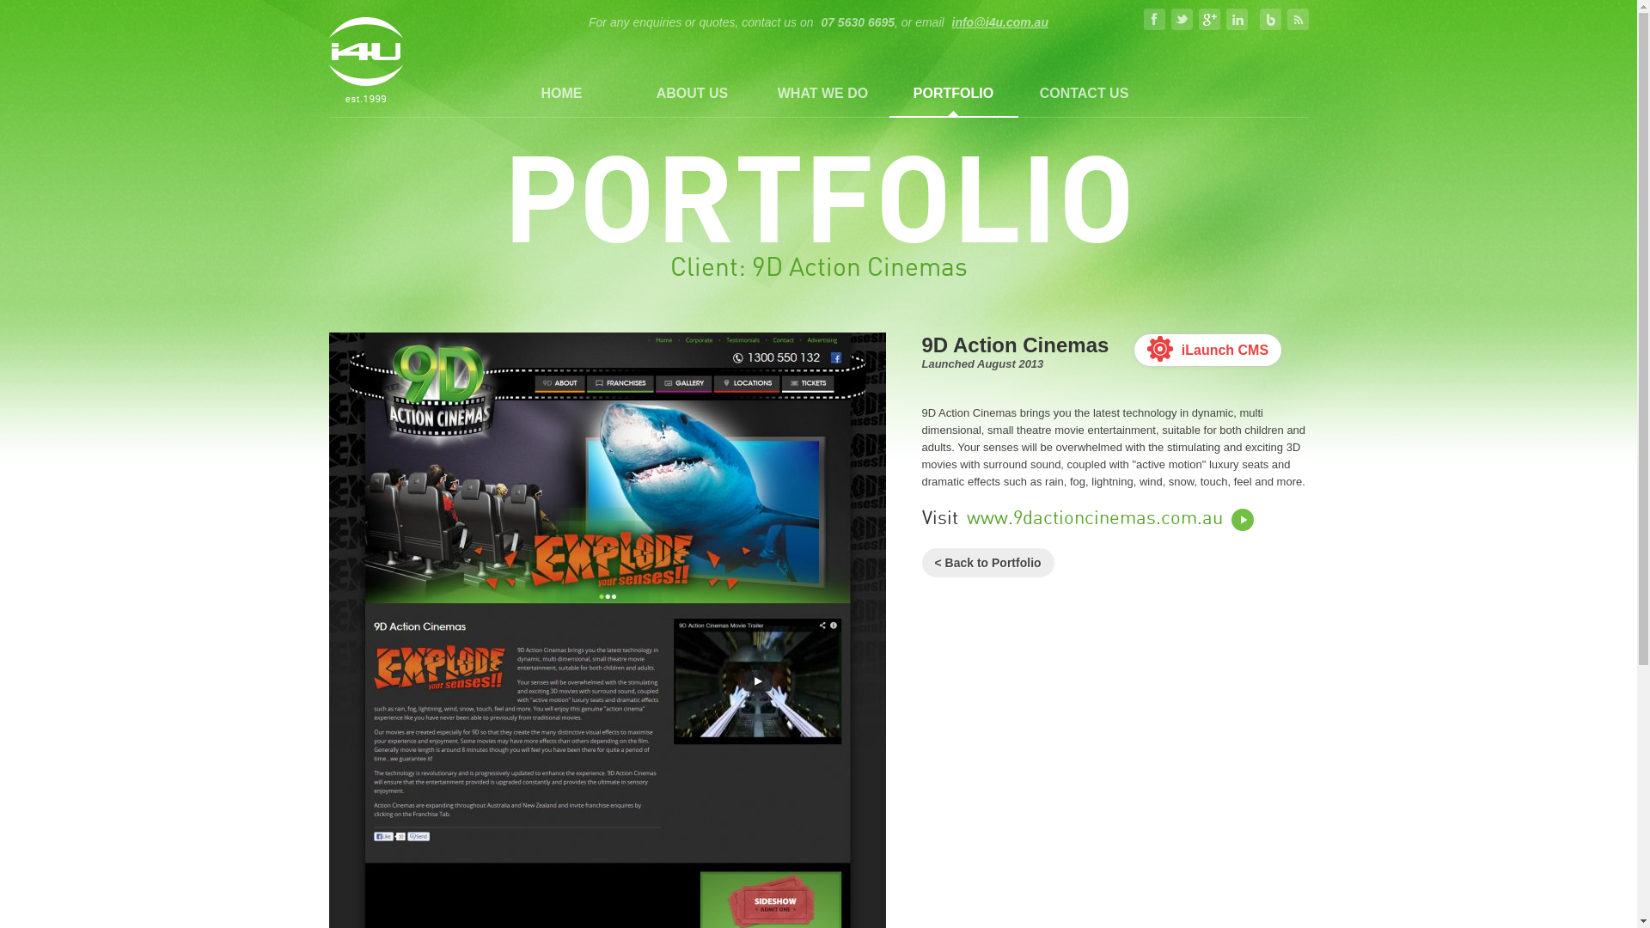 The width and height of the screenshot is (1650, 928). I want to click on 'PORTFOLIO', so click(951, 93).